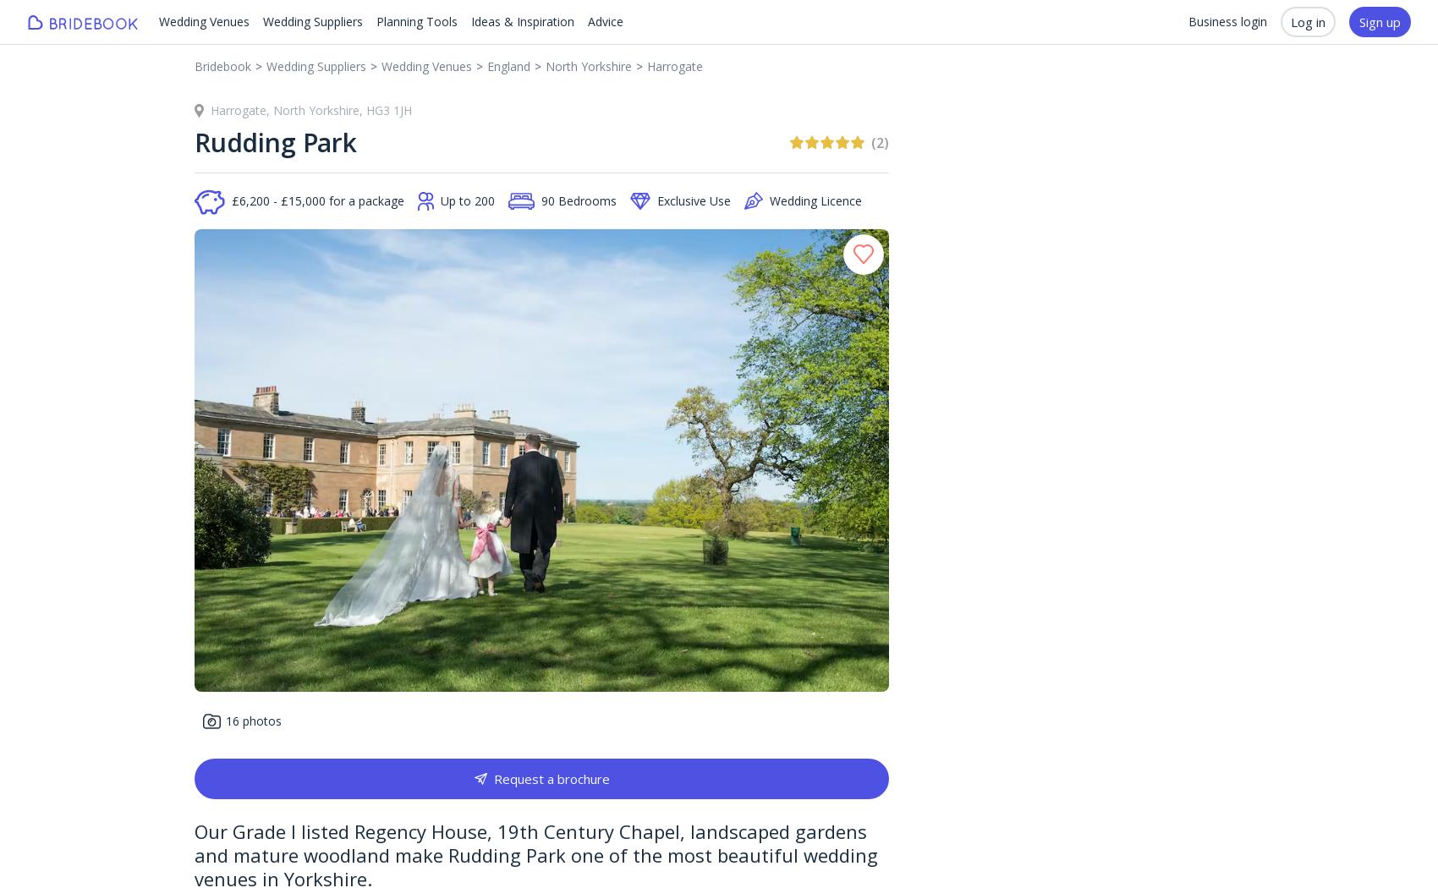  What do you see at coordinates (222, 66) in the screenshot?
I see `'Bridebook'` at bounding box center [222, 66].